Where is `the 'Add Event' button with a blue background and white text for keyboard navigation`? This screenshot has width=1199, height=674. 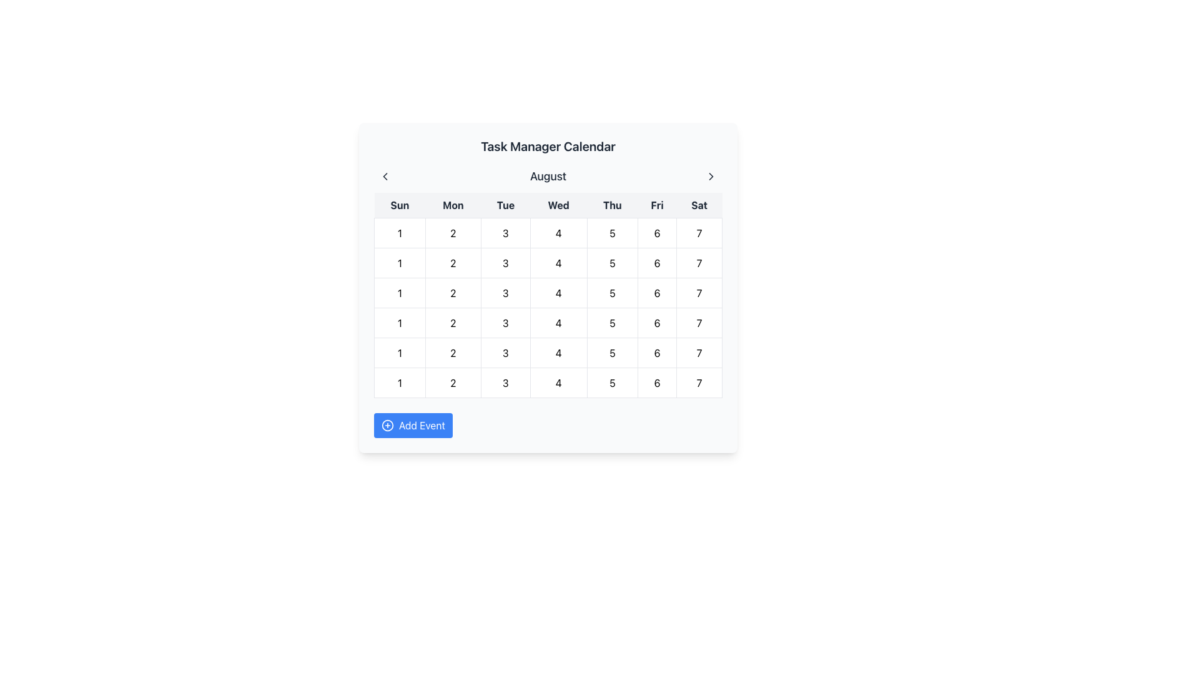 the 'Add Event' button with a blue background and white text for keyboard navigation is located at coordinates (413, 425).